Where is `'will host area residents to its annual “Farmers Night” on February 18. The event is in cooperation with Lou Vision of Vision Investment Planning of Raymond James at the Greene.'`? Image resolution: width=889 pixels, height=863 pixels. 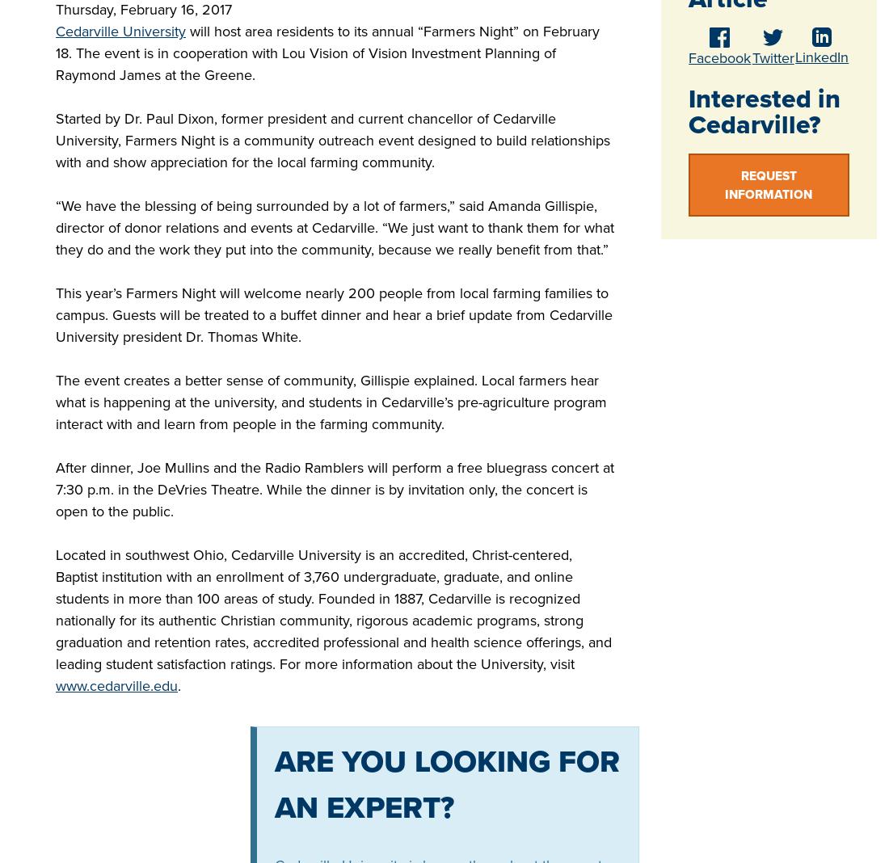
'will host area residents to its annual “Farmers Night” on February 18. The event is in cooperation with Lou Vision of Vision Investment Planning of Raymond James at the Greene.' is located at coordinates (327, 53).